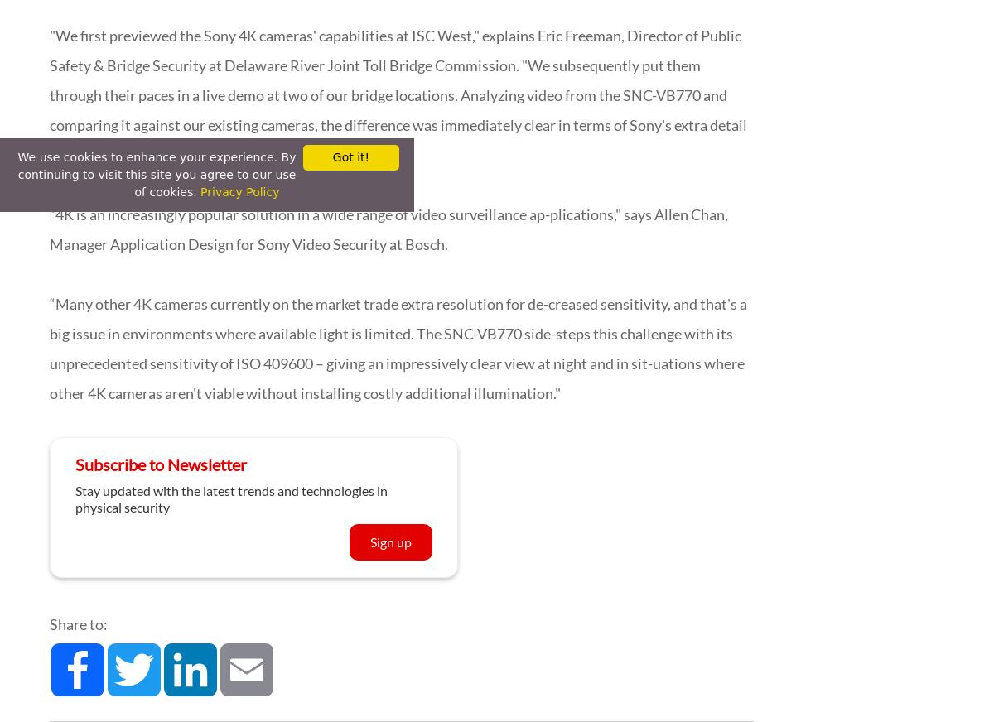 The width and height of the screenshot is (994, 722). I want to click on 'Privacy Policy', so click(239, 191).